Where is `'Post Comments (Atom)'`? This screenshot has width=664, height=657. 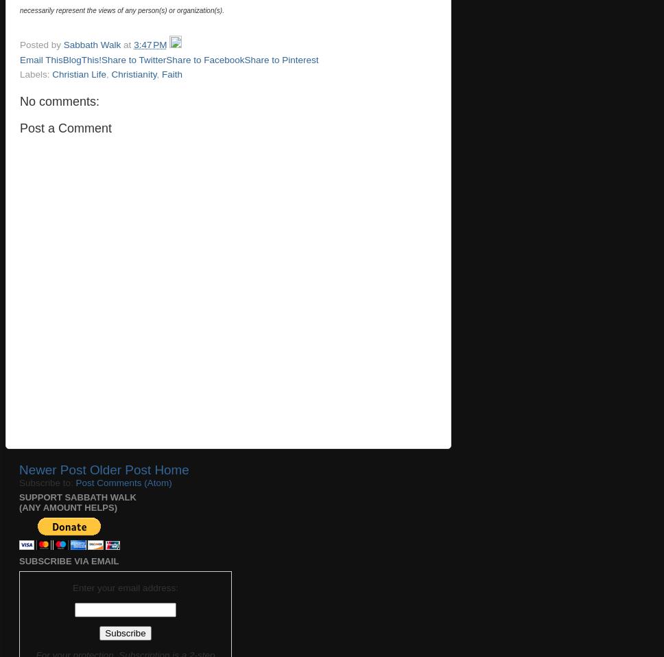 'Post Comments (Atom)' is located at coordinates (123, 482).